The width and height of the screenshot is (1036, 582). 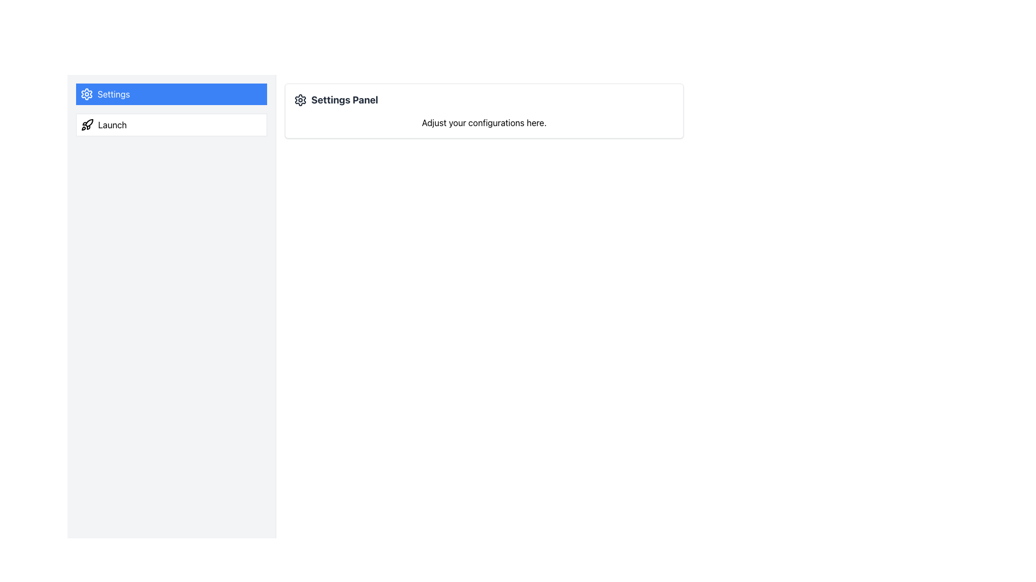 What do you see at coordinates (171, 93) in the screenshot?
I see `the navigation button located at the top of the vertical list in the left sidebar` at bounding box center [171, 93].